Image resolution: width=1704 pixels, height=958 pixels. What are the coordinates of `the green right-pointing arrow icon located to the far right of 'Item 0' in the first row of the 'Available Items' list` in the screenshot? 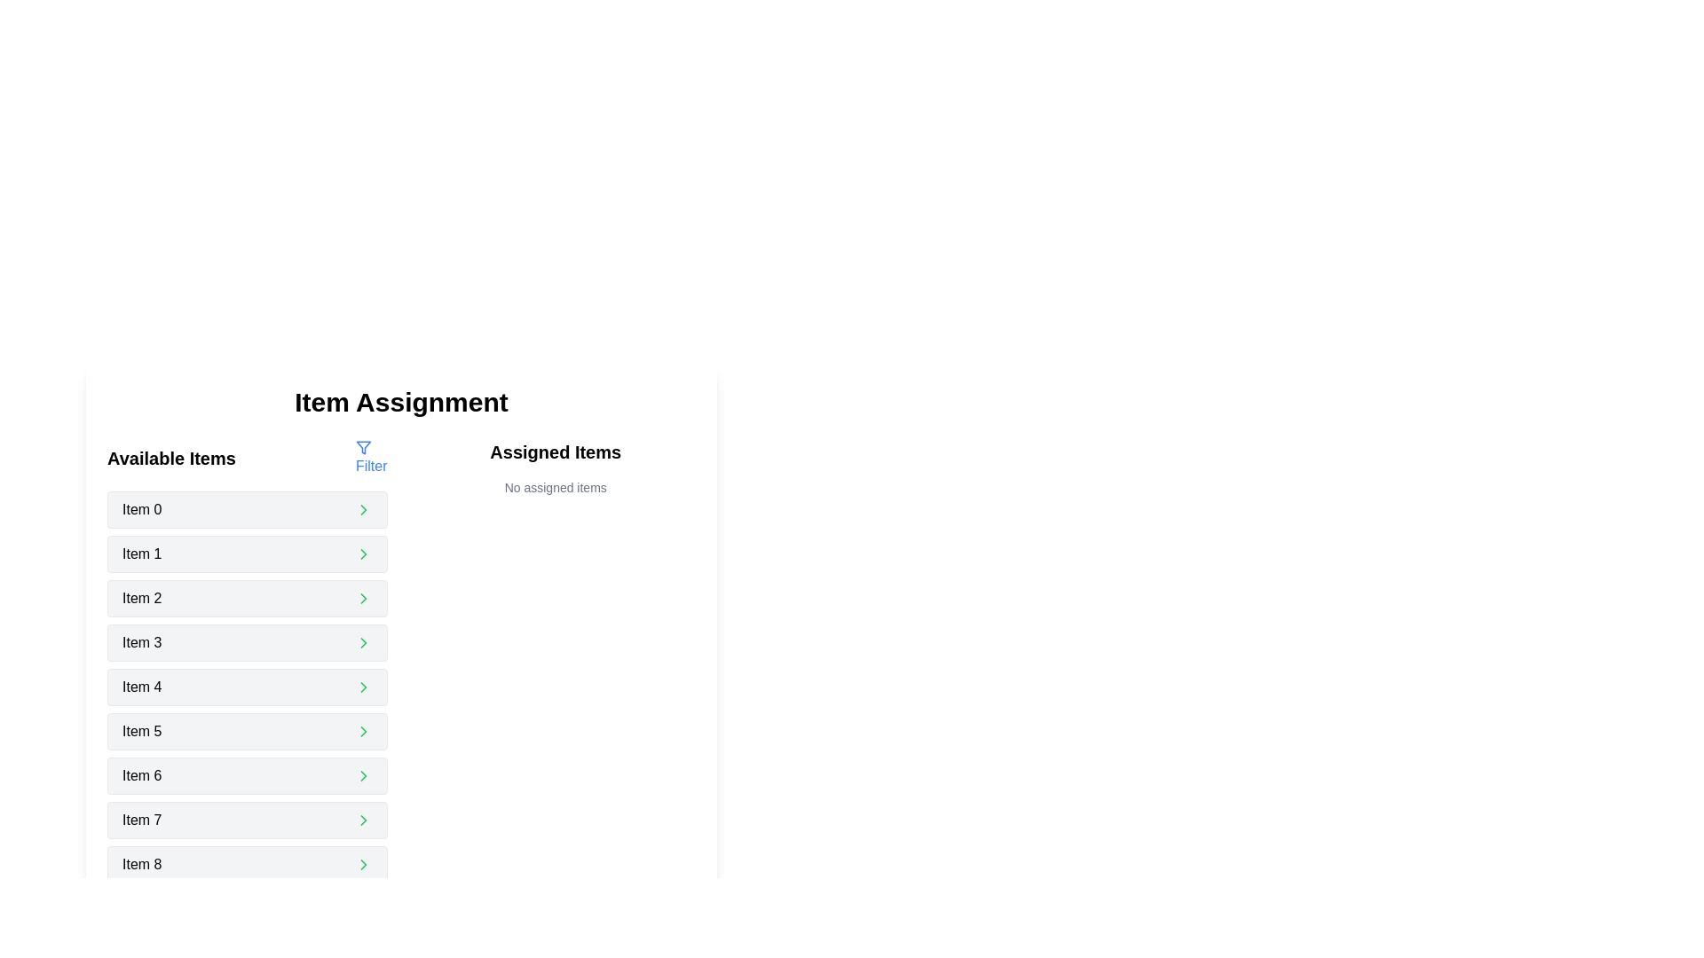 It's located at (362, 509).